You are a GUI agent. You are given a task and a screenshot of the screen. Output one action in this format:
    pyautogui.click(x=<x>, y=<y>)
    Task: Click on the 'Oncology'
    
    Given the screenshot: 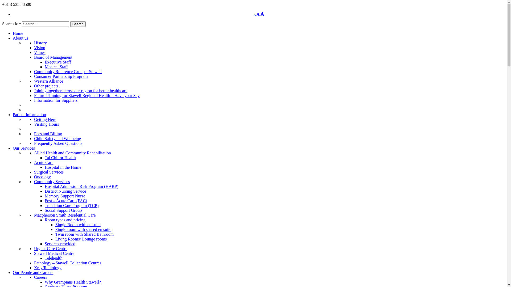 What is the action you would take?
    pyautogui.click(x=34, y=177)
    